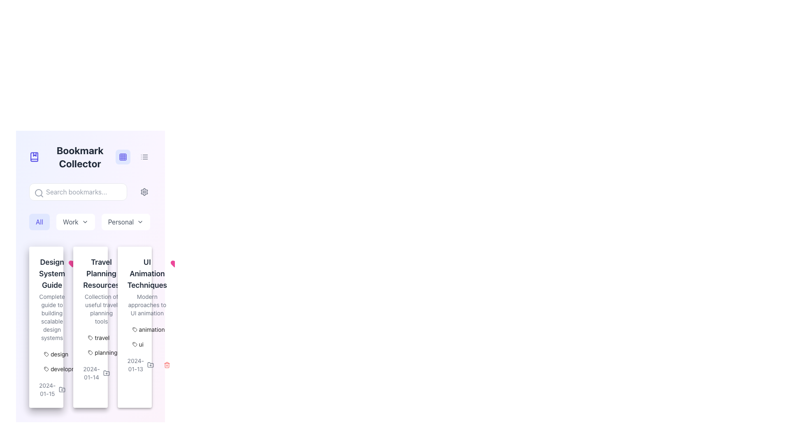  What do you see at coordinates (106, 373) in the screenshot?
I see `the small circular button with a folder and plus icon located at the bottom right corner of the 'Travel Planning Resources' card, below the date '2024-01-14'` at bounding box center [106, 373].